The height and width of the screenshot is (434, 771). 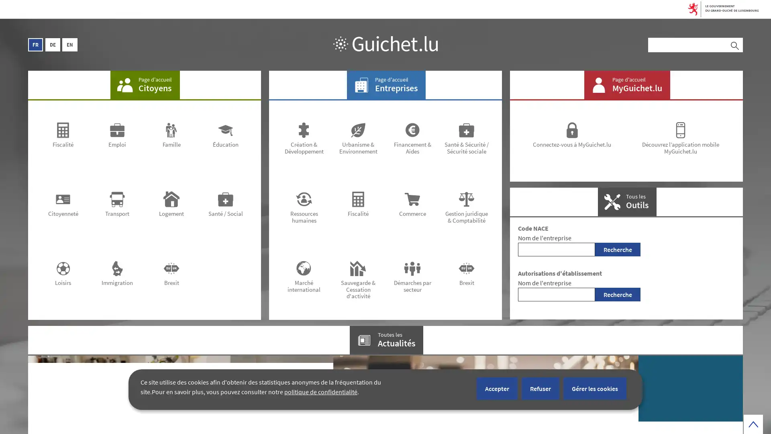 What do you see at coordinates (595, 388) in the screenshot?
I see `Gerer les cookies` at bounding box center [595, 388].